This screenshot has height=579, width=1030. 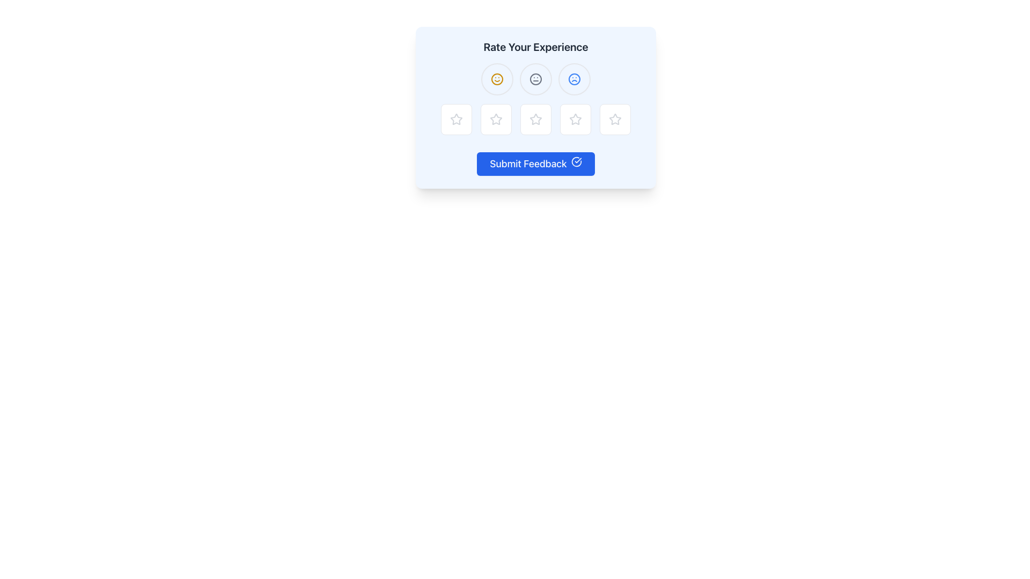 What do you see at coordinates (535, 78) in the screenshot?
I see `the middle button with a neutral face icon, which is part of a row of three emoji buttons located below the 'Rate Your Experience' text` at bounding box center [535, 78].